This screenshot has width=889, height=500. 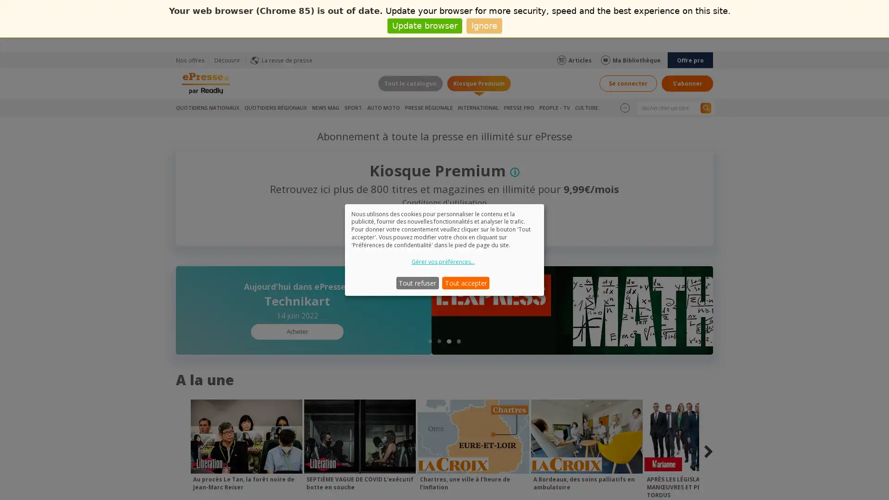 What do you see at coordinates (466, 282) in the screenshot?
I see `Tout accepter` at bounding box center [466, 282].